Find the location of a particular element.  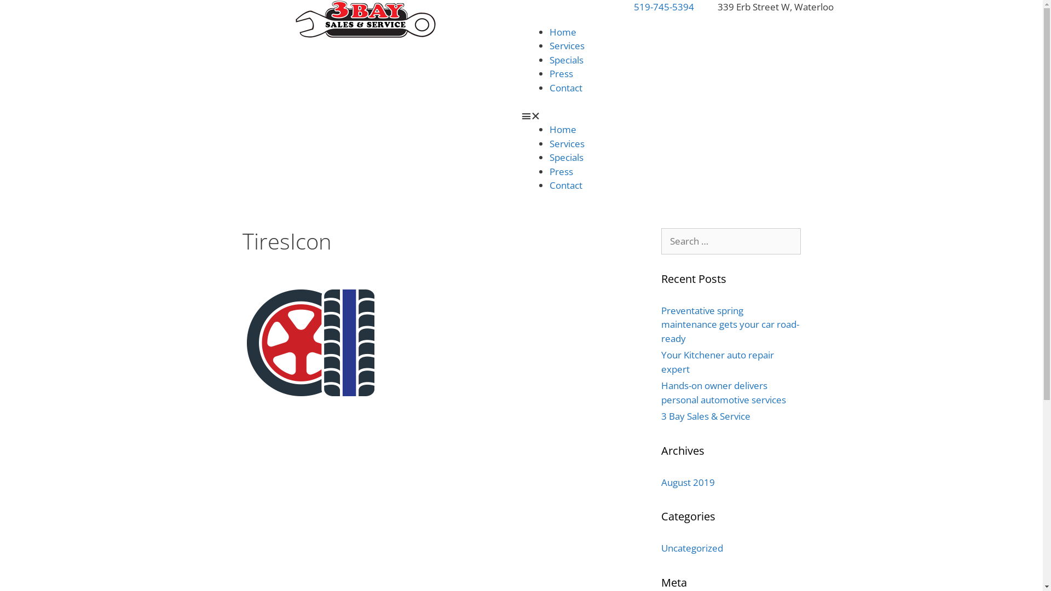

'Specials' is located at coordinates (567, 60).